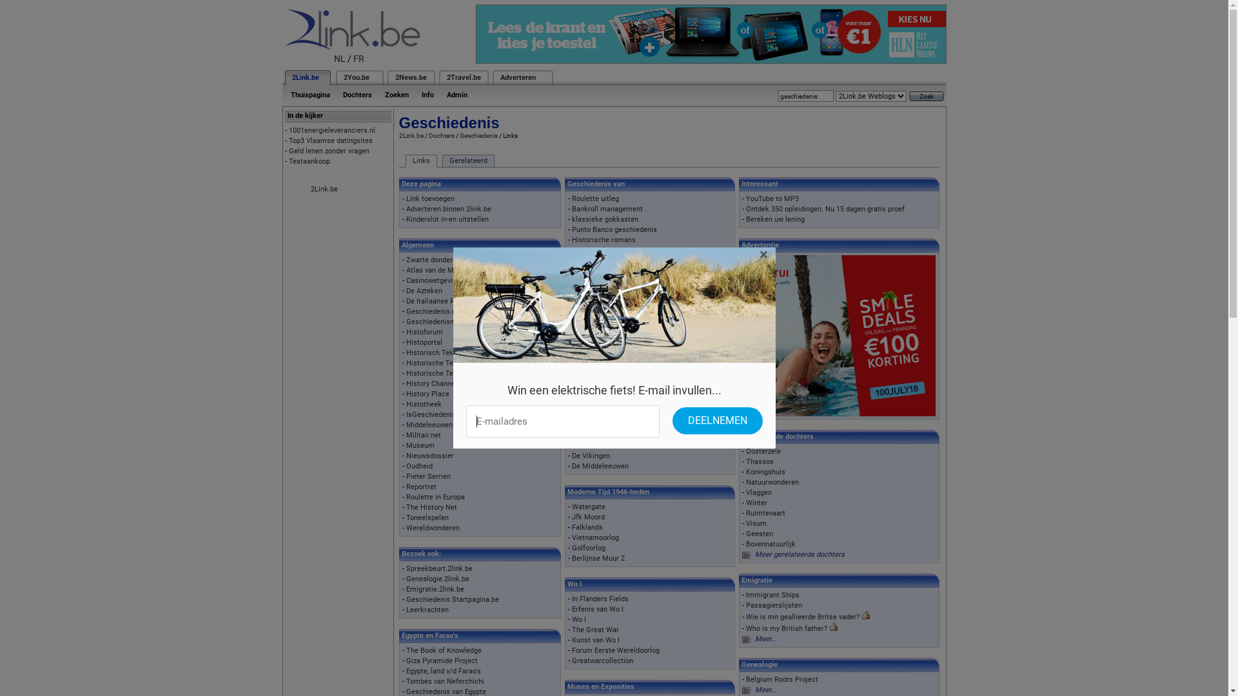  I want to click on 'Militair.net', so click(424, 435).